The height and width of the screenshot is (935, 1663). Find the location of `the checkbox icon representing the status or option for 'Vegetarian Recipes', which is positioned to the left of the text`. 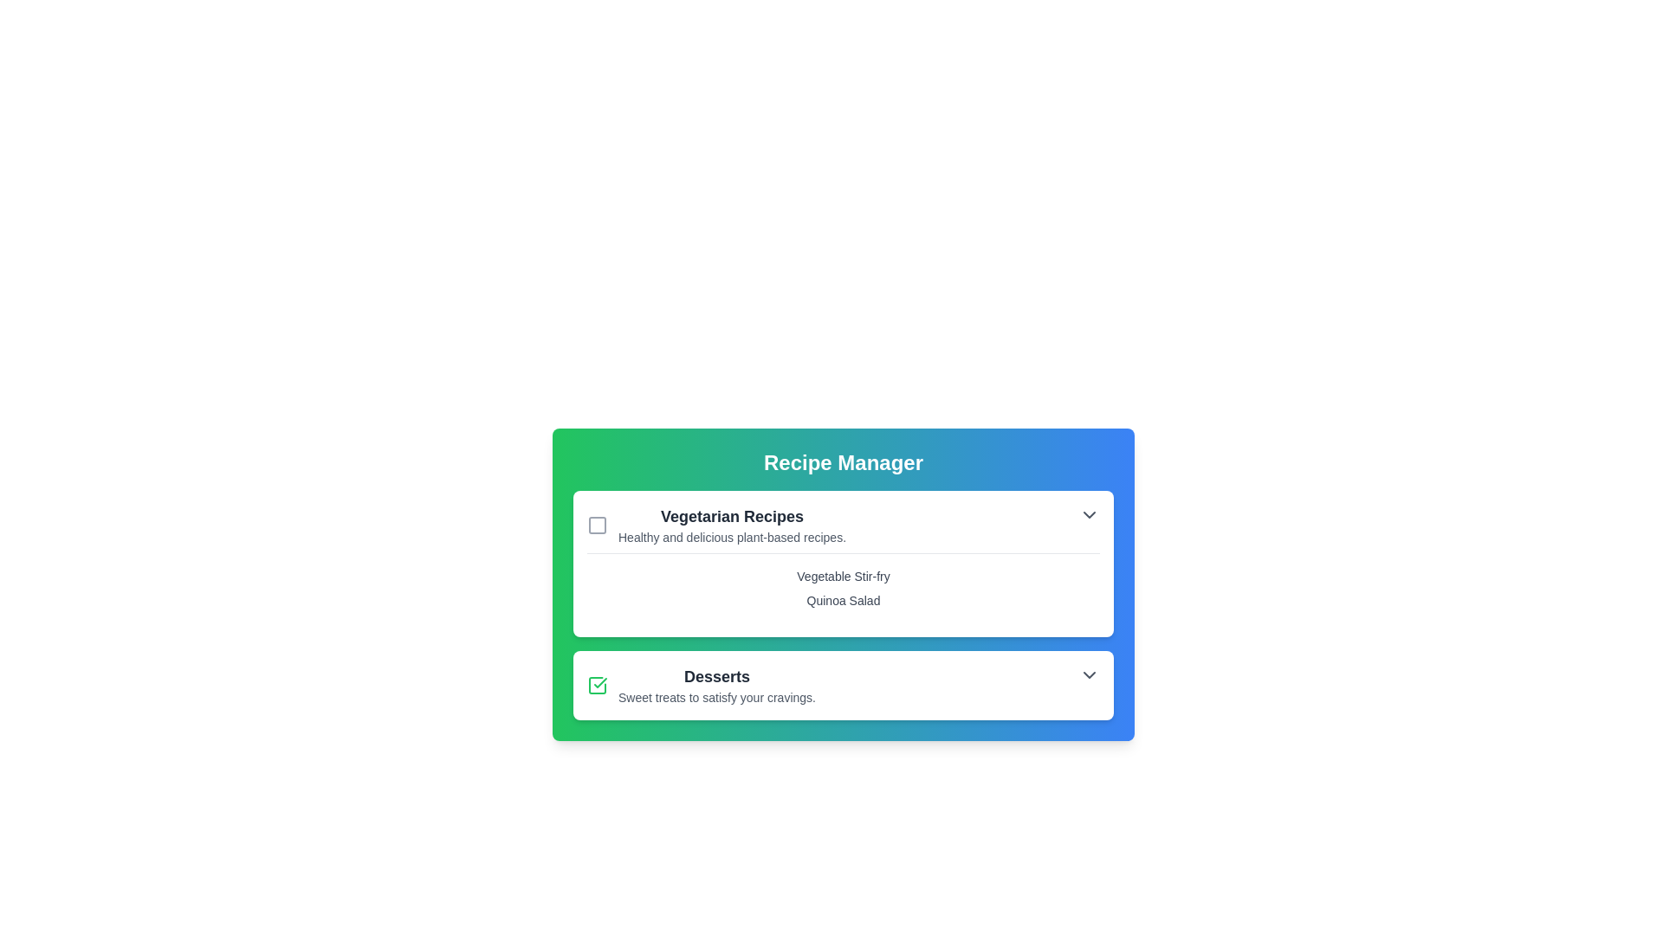

the checkbox icon representing the status or option for 'Vegetarian Recipes', which is positioned to the left of the text is located at coordinates (598, 524).